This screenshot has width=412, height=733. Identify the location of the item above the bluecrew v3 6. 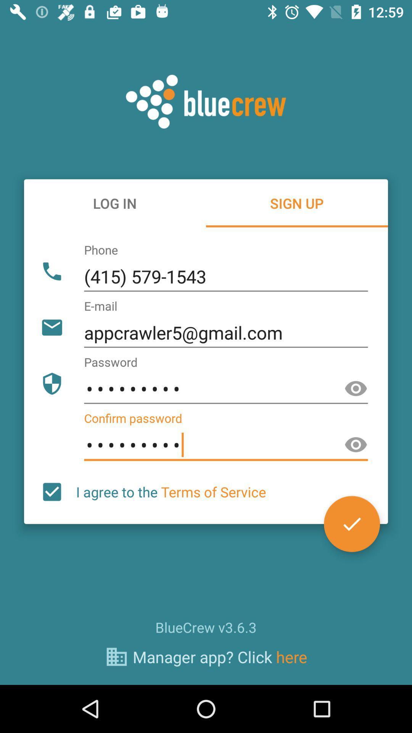
(171, 492).